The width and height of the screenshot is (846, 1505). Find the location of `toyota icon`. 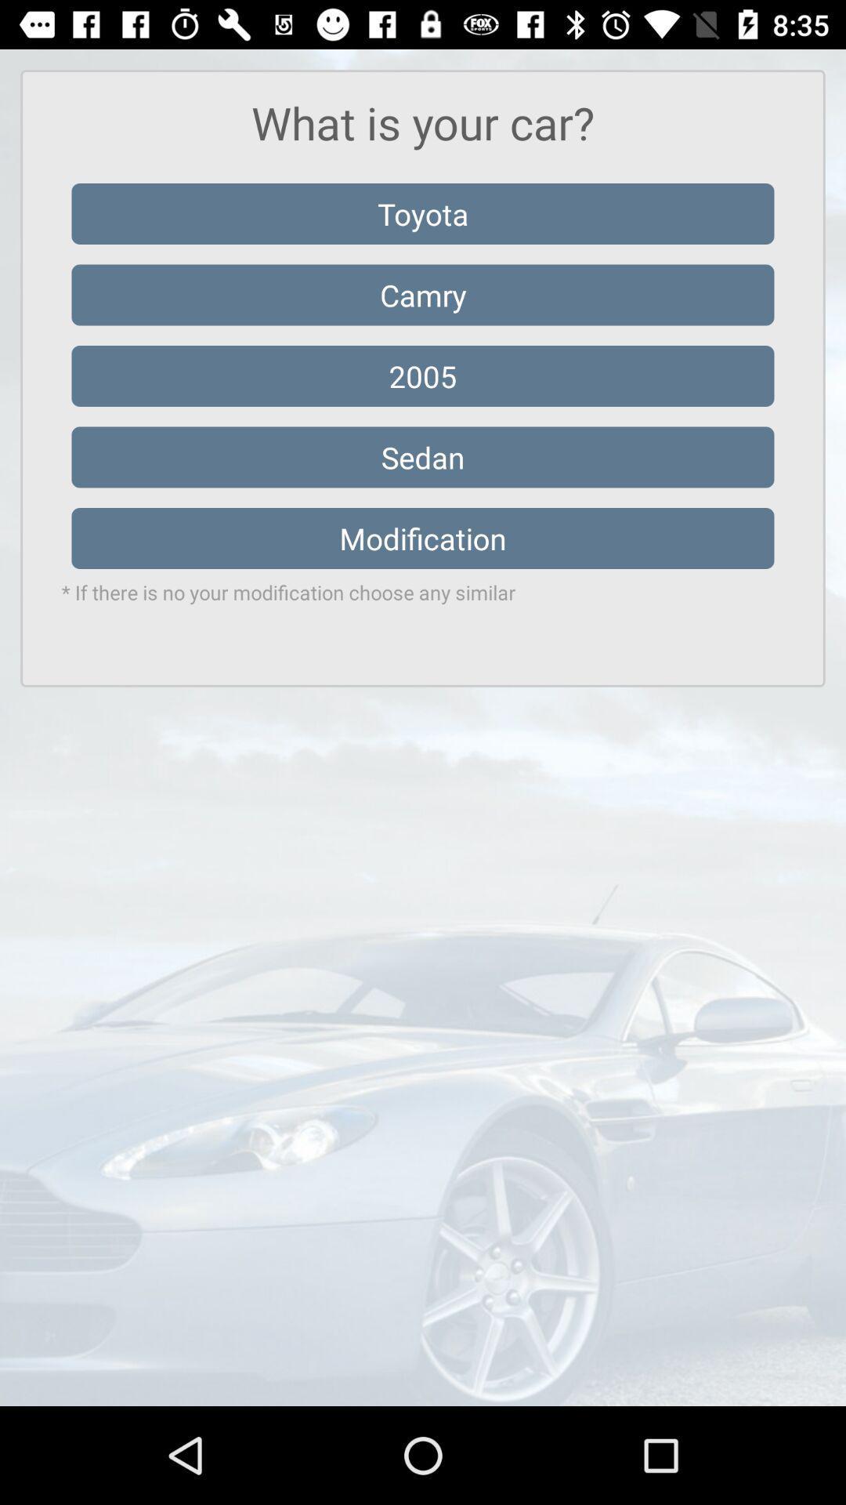

toyota icon is located at coordinates (423, 213).